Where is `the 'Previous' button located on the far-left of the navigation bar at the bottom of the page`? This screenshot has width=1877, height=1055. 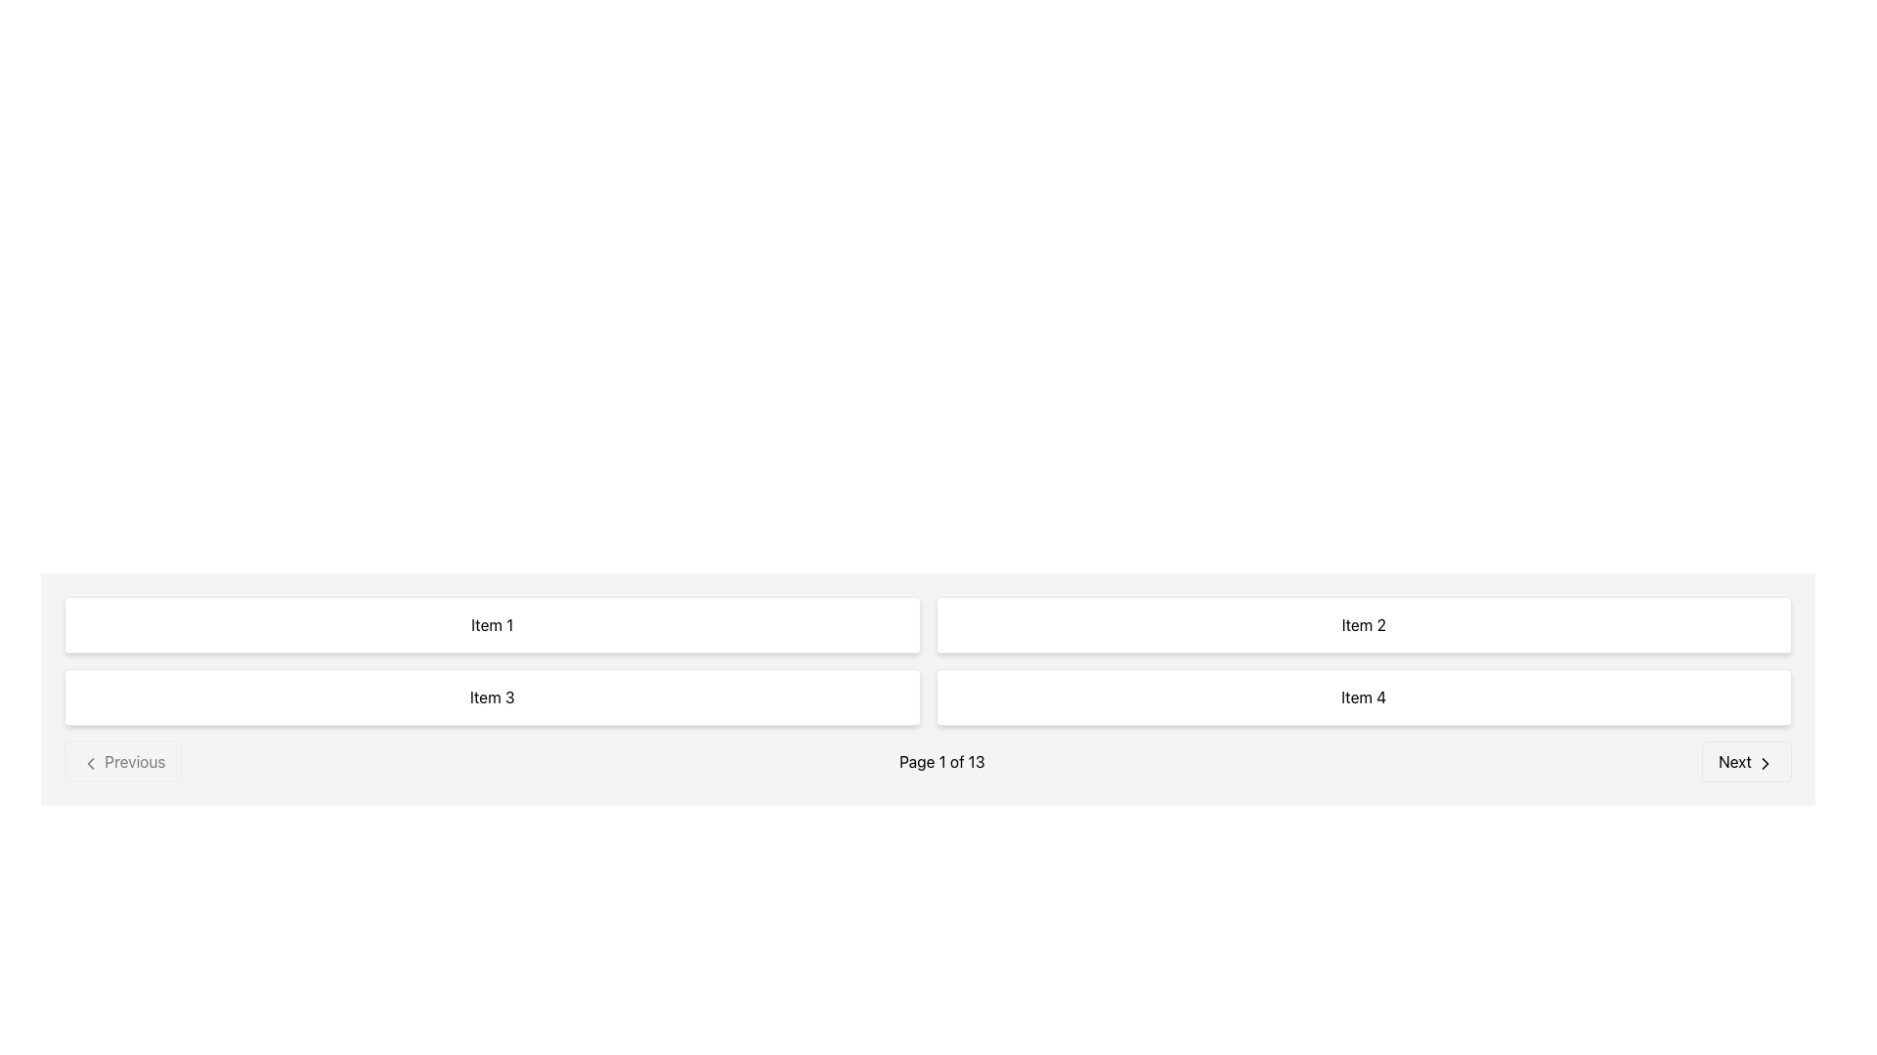 the 'Previous' button located on the far-left of the navigation bar at the bottom of the page is located at coordinates (122, 760).